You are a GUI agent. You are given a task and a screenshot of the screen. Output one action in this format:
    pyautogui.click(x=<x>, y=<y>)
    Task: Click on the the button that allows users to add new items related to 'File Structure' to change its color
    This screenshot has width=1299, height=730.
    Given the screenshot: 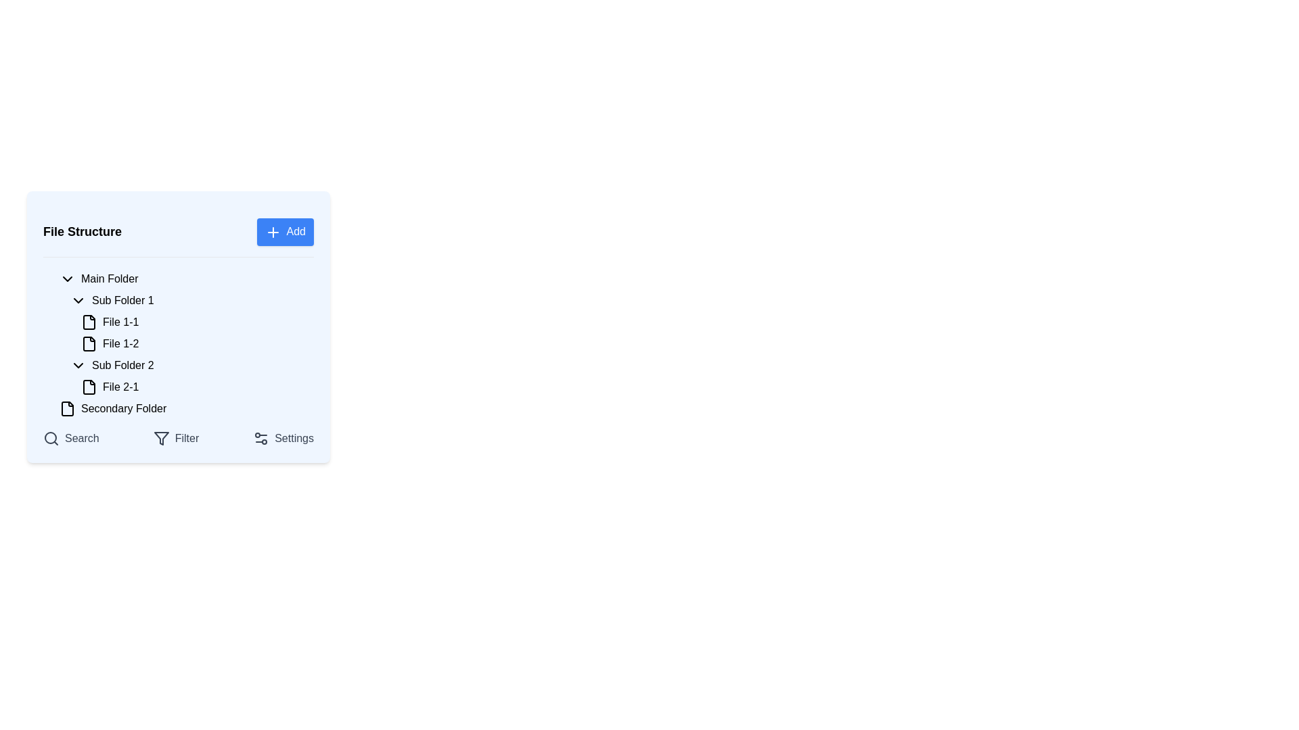 What is the action you would take?
    pyautogui.click(x=285, y=231)
    